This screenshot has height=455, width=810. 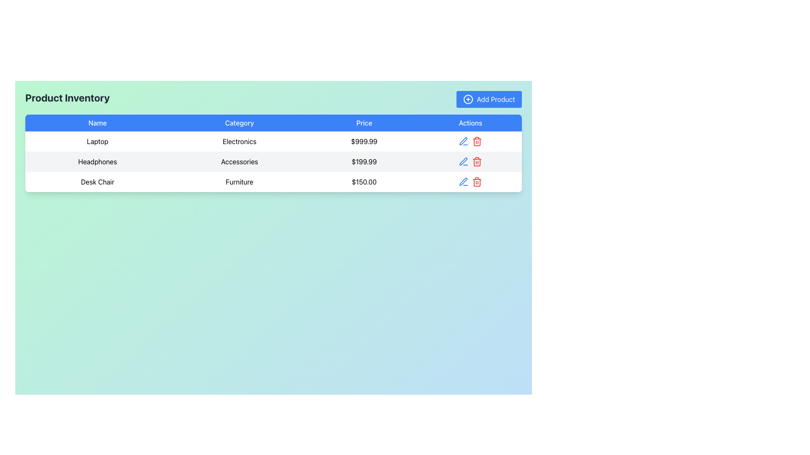 What do you see at coordinates (97, 141) in the screenshot?
I see `the product name text in the first row of the inventory table under the 'Name' column to identify it` at bounding box center [97, 141].